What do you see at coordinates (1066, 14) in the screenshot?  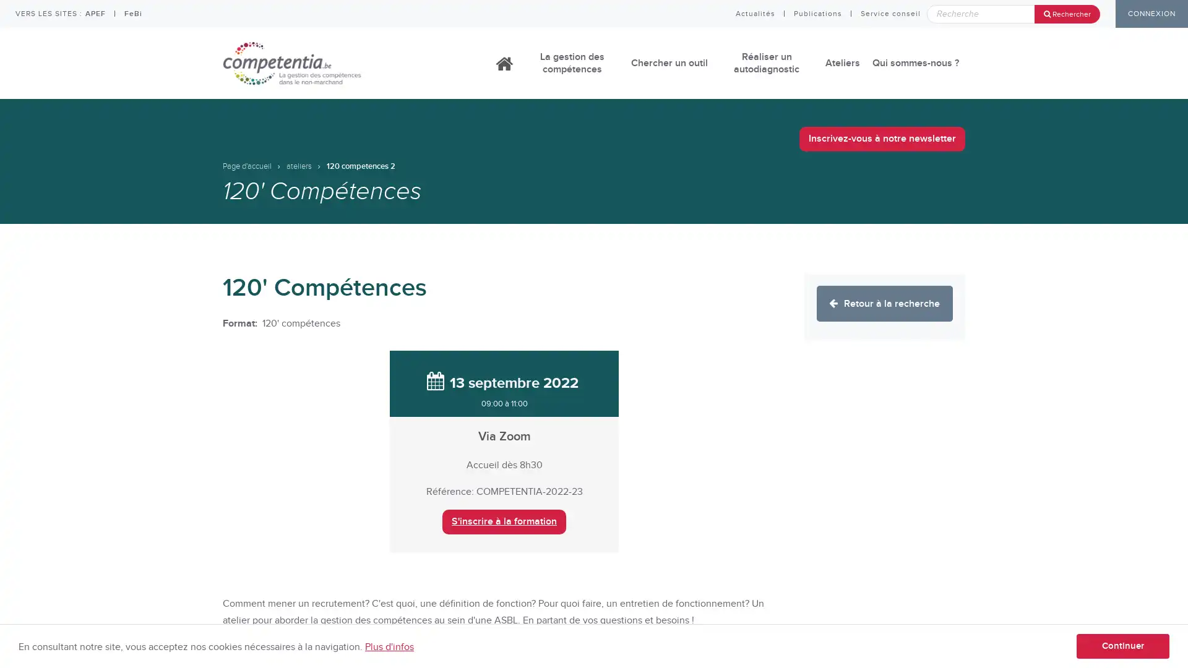 I see `Rechercher` at bounding box center [1066, 14].